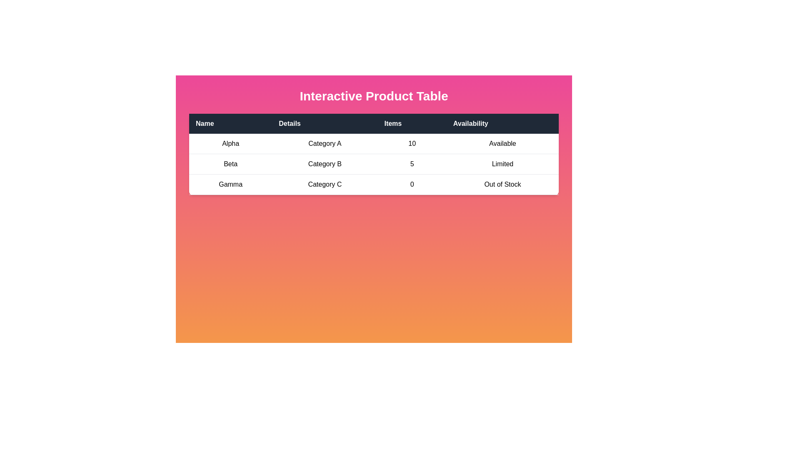 The width and height of the screenshot is (800, 450). Describe the element at coordinates (324, 164) in the screenshot. I see `the static text label 'Category B' located in the second row of the table under the 'Details' header, positioned between 'Beta' and '5'` at that location.